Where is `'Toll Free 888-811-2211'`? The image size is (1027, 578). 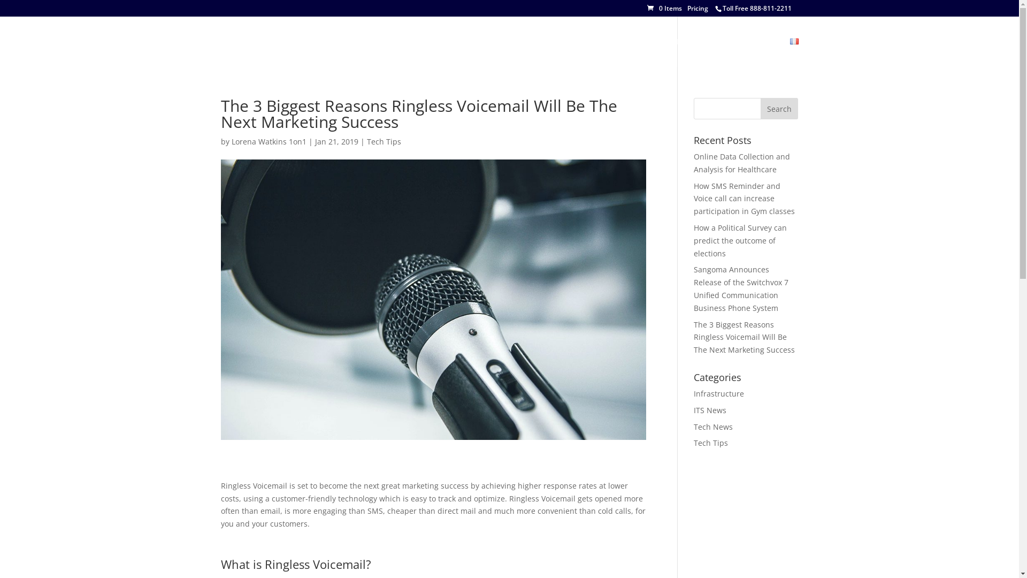 'Toll Free 888-811-2211' is located at coordinates (756, 8).